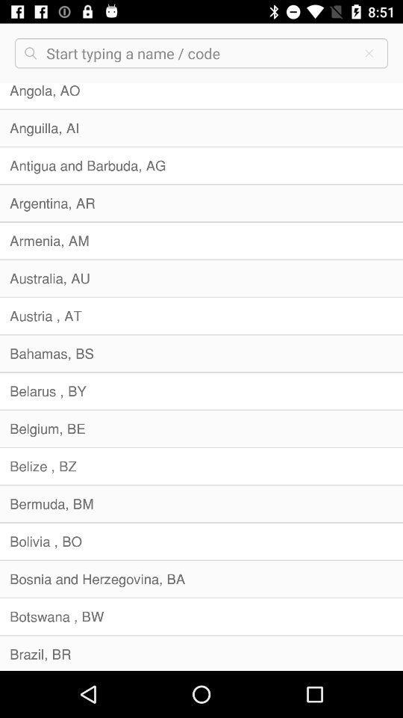  What do you see at coordinates (201, 165) in the screenshot?
I see `the antigua and barbuda icon` at bounding box center [201, 165].